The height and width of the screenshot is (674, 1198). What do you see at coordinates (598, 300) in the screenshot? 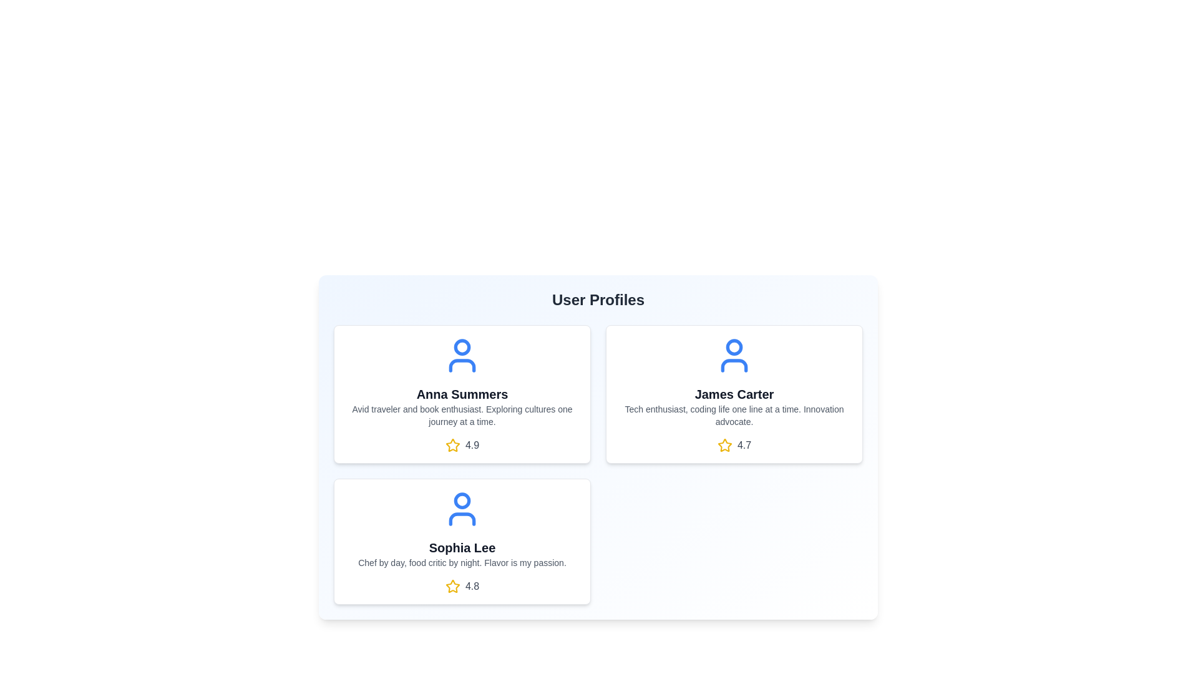
I see `the 'User Profiles' header` at bounding box center [598, 300].